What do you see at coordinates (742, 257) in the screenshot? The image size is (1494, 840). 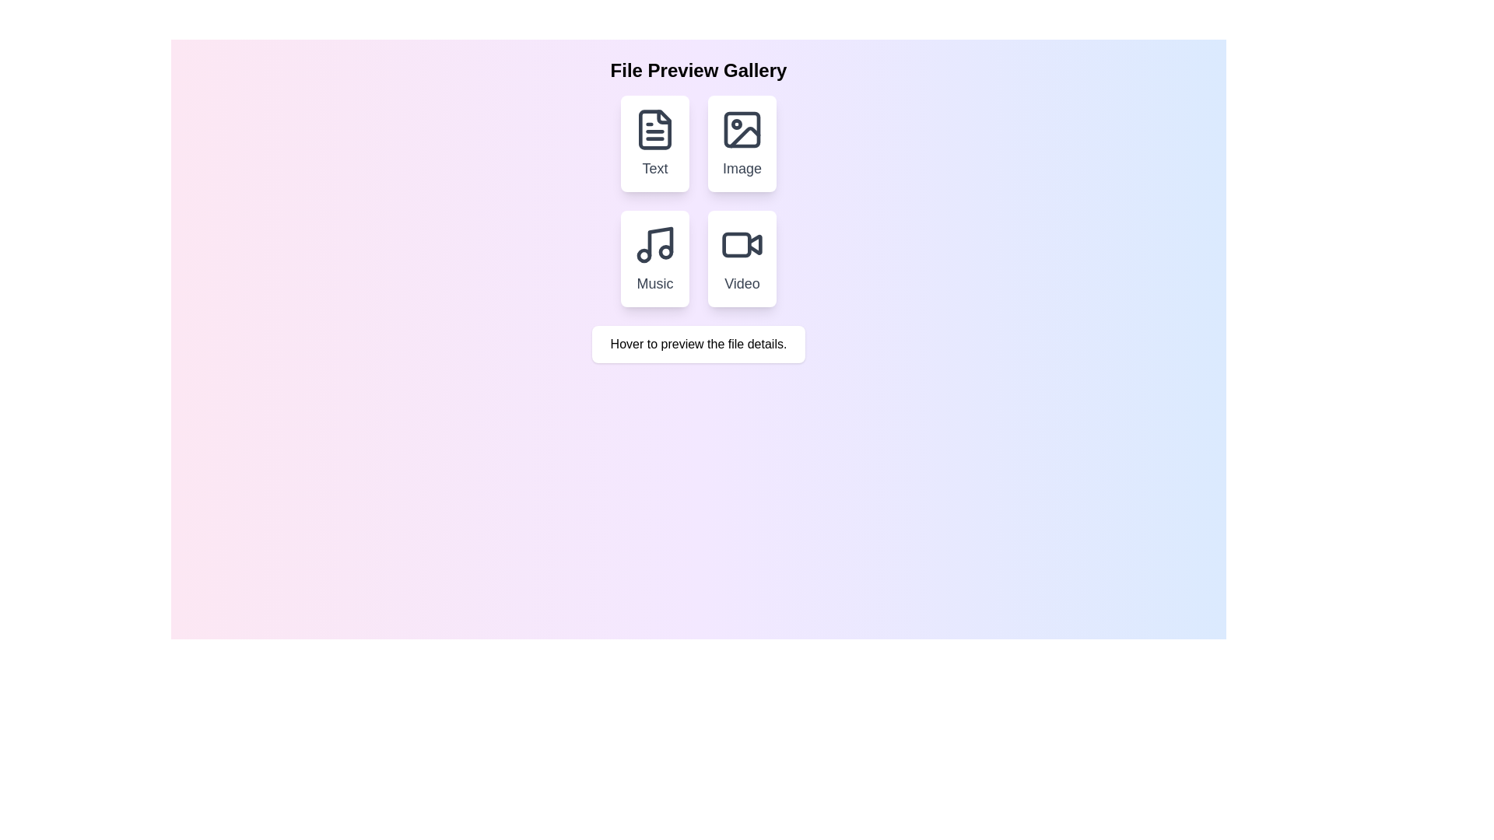 I see `the fourth selectable card representing the 'Video' category located in the bottom right of the grid layout` at bounding box center [742, 257].